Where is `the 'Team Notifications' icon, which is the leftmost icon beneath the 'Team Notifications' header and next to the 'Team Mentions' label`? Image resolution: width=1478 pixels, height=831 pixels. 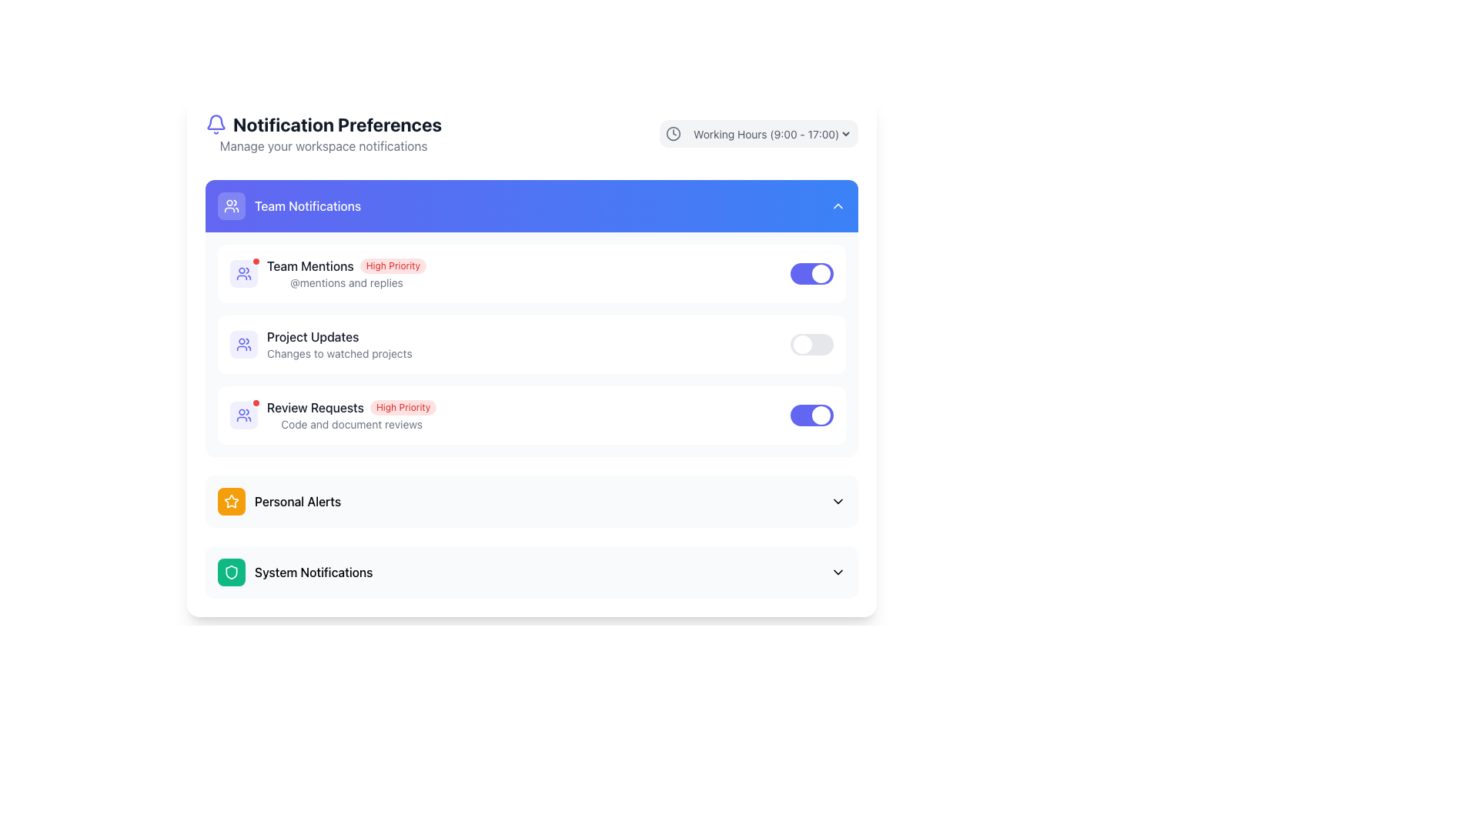 the 'Team Notifications' icon, which is the leftmost icon beneath the 'Team Notifications' header and next to the 'Team Mentions' label is located at coordinates (242, 272).